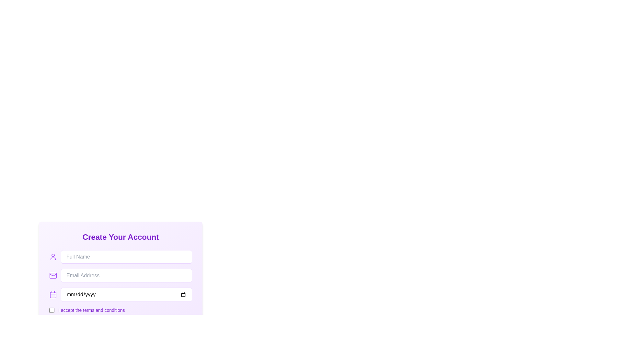  I want to click on the input fields of the account creation dialog box to type in user information such as name, email, and birth date, so click(121, 264).